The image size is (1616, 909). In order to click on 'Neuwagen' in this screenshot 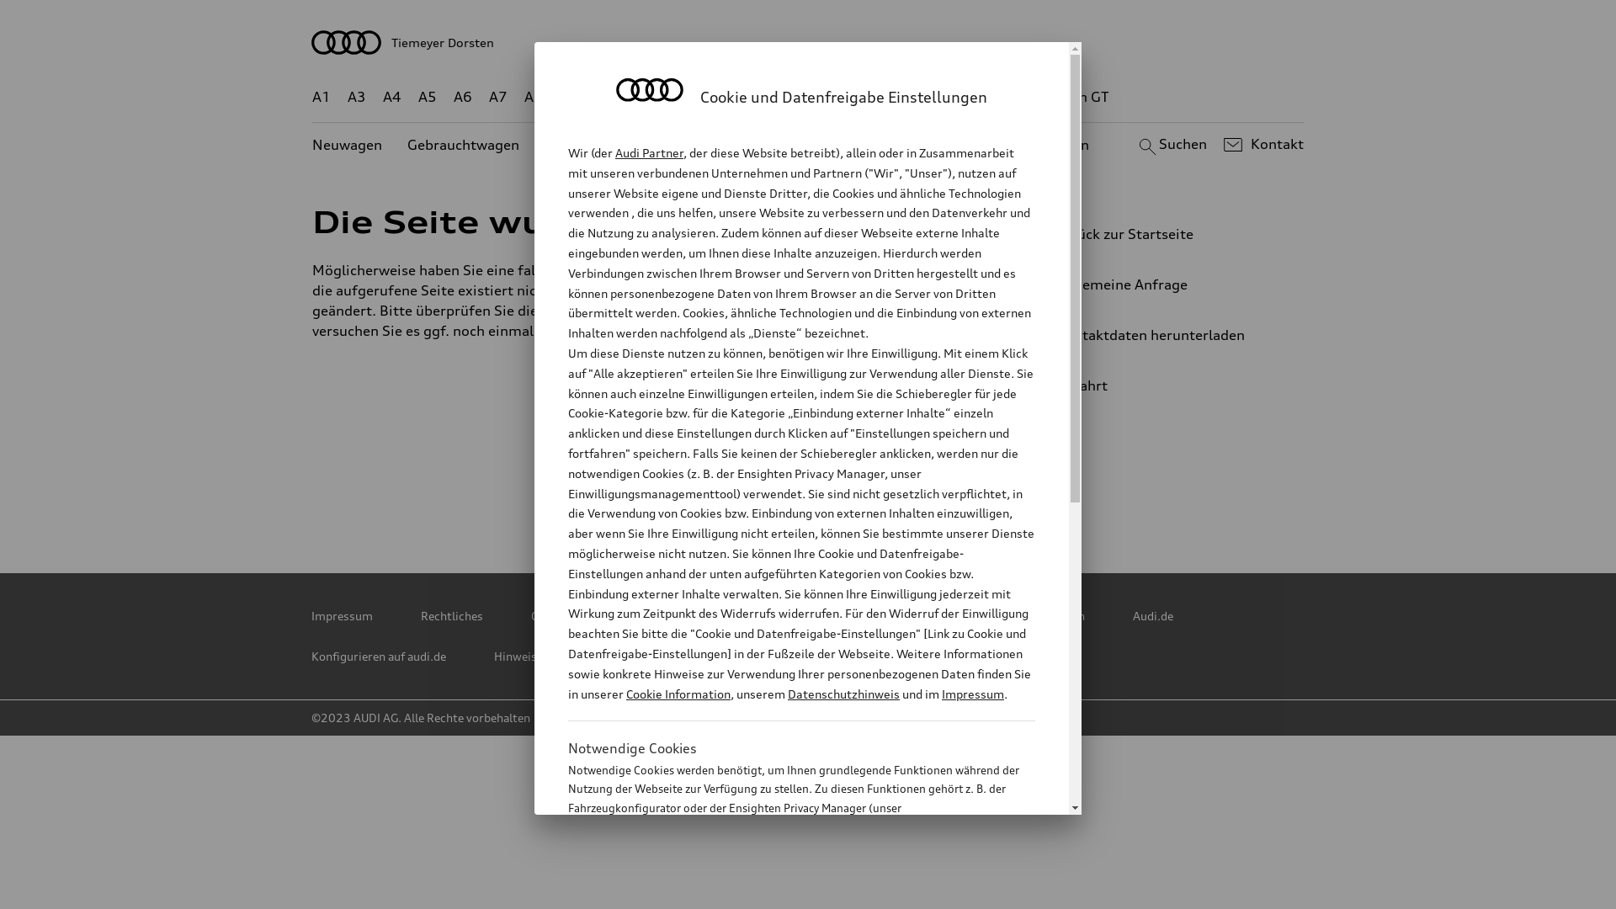, I will do `click(346, 144)`.